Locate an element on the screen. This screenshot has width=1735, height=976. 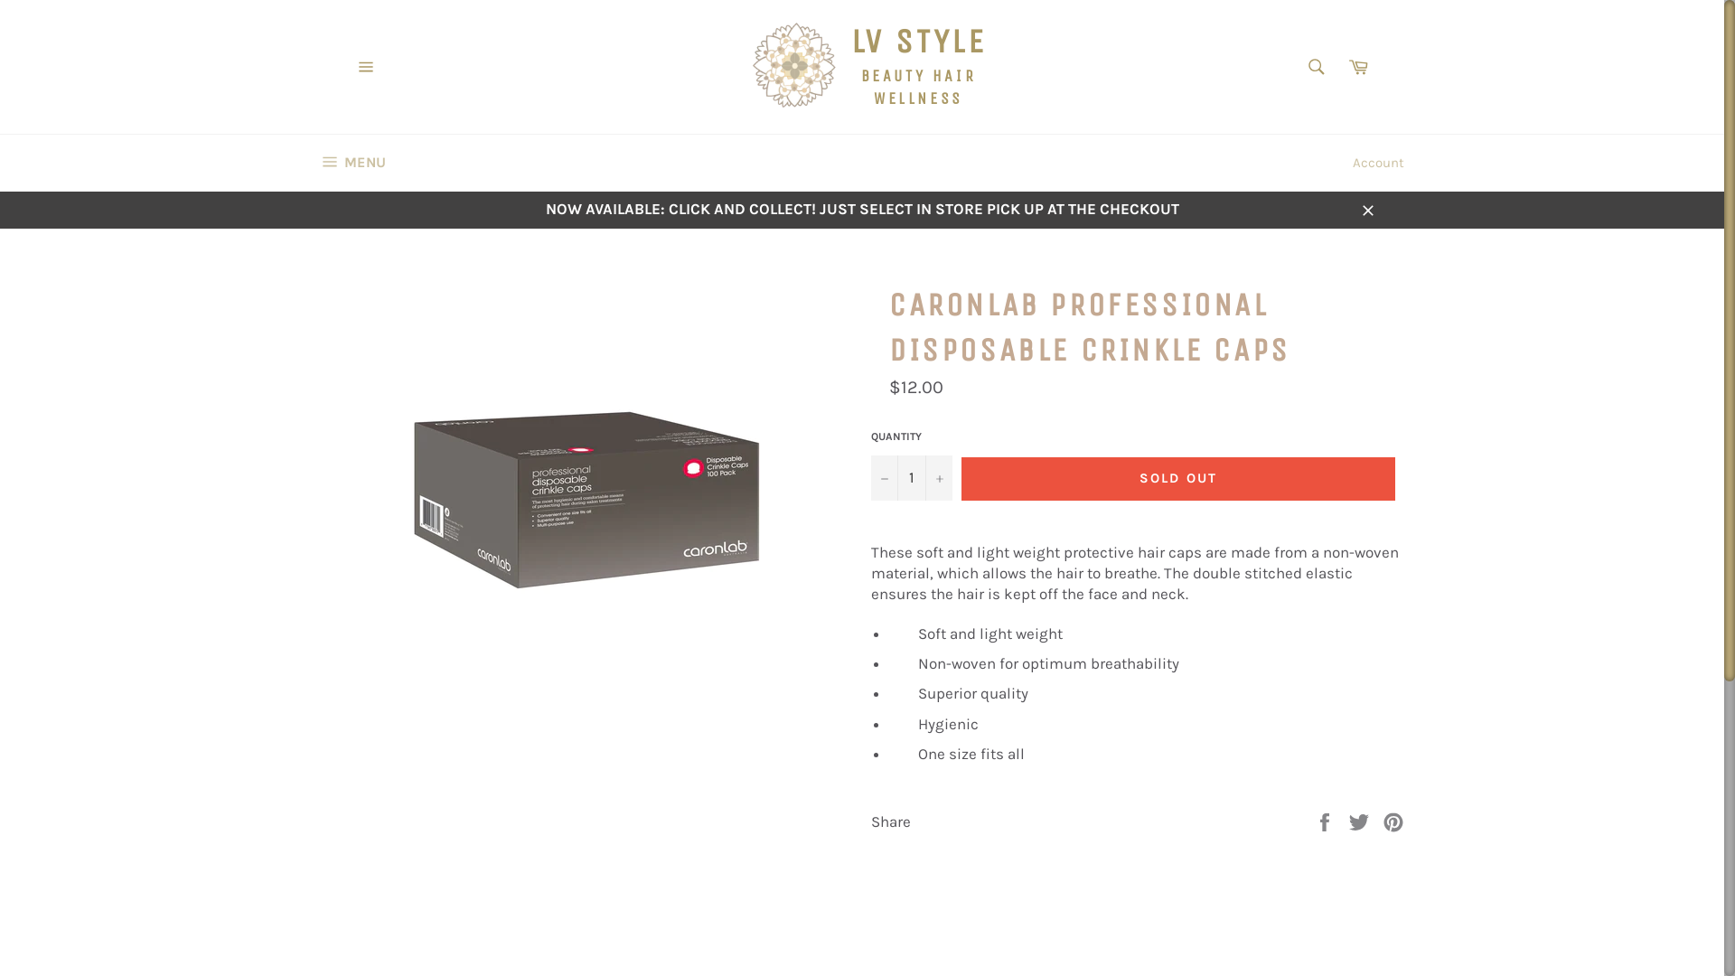
'SOLD OUT' is located at coordinates (1178, 477).